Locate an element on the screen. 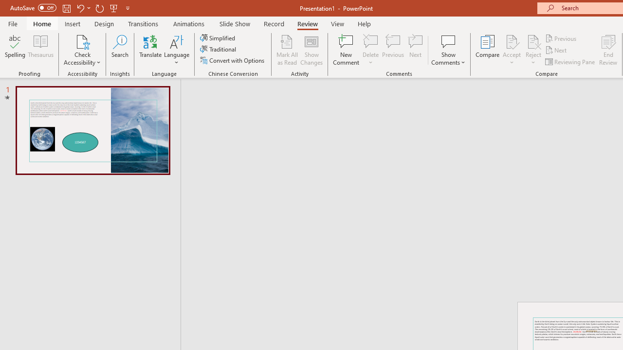 The height and width of the screenshot is (350, 623). 'Compare' is located at coordinates (488, 50).